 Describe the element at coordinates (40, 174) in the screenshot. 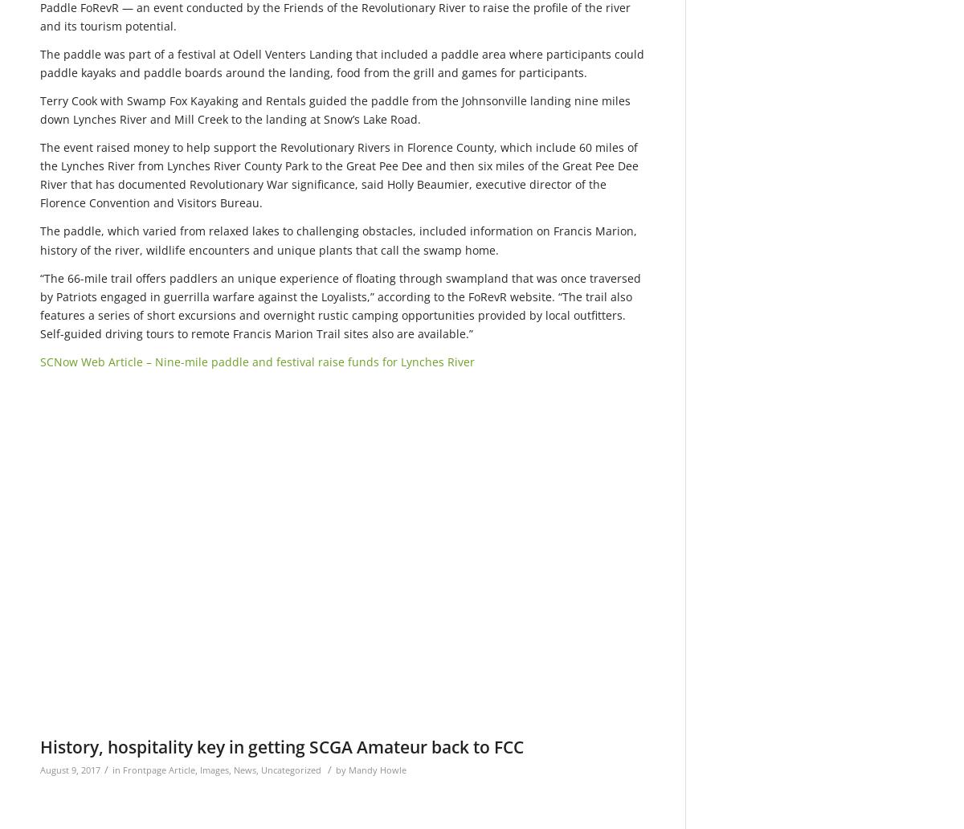

I see `'The event raised money to help support the Revolutionary Rivers in Florence County, which include 60 miles of the Lynches River from Lynches River County Park to the Great Pee Dee and then six miles of the Great Pee Dee River that has documented Revolutionary War significance, said Holly Beaumier, executive director of the Florence Convention and Visitors Bureau.'` at that location.